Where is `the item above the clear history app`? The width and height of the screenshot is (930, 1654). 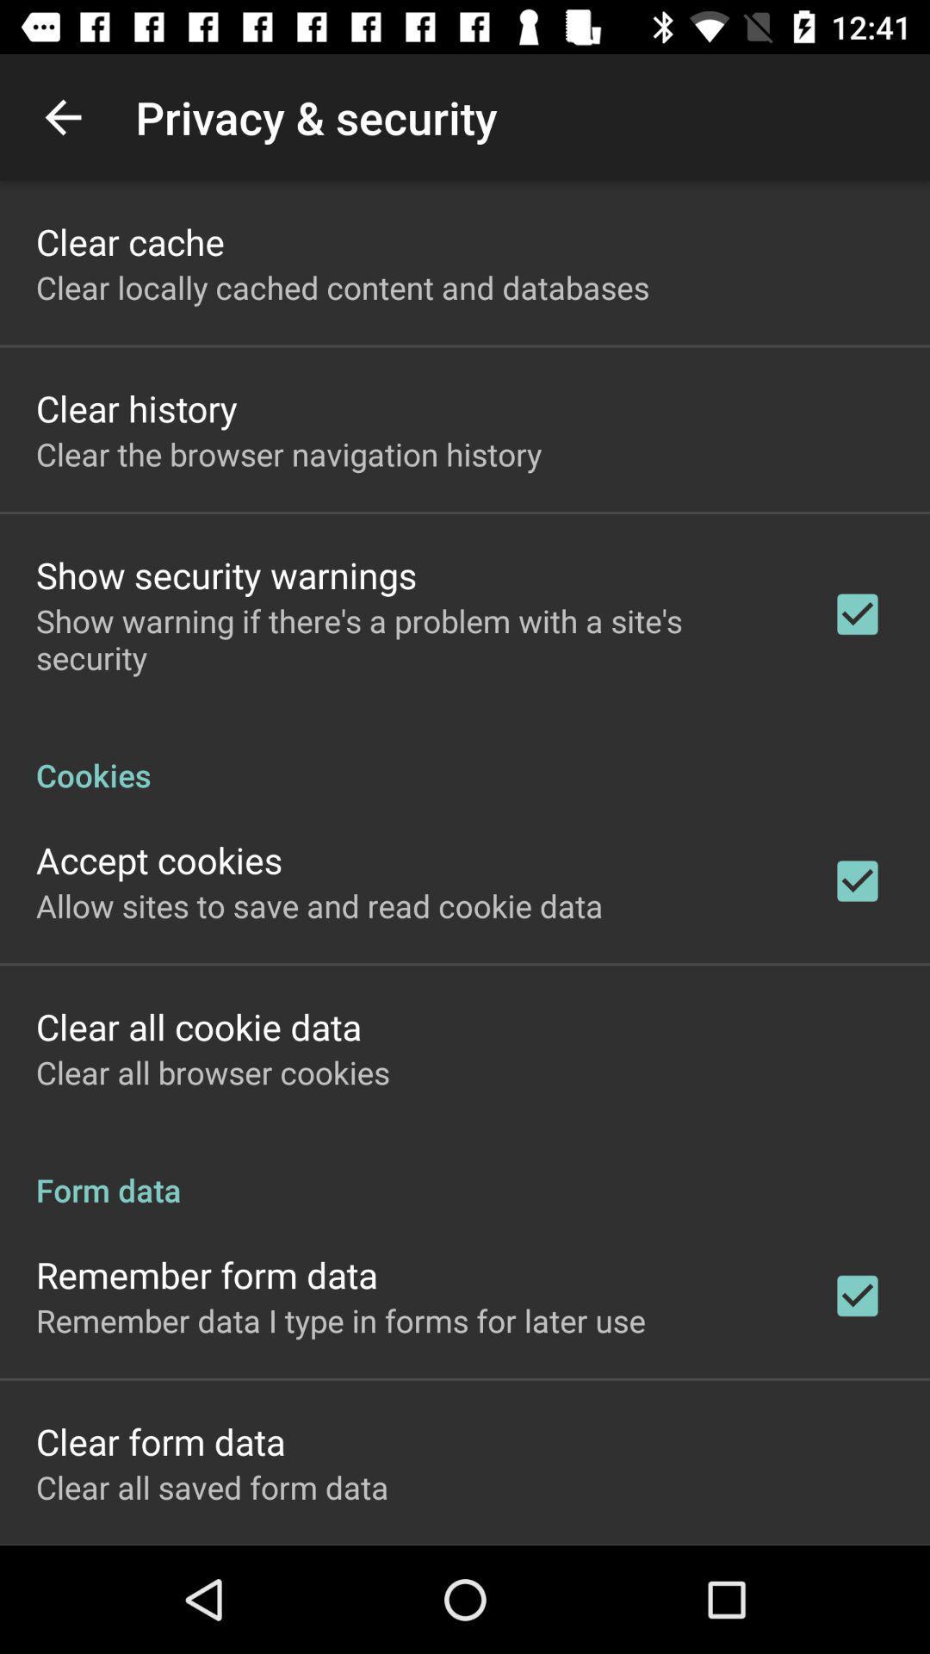 the item above the clear history app is located at coordinates (343, 287).